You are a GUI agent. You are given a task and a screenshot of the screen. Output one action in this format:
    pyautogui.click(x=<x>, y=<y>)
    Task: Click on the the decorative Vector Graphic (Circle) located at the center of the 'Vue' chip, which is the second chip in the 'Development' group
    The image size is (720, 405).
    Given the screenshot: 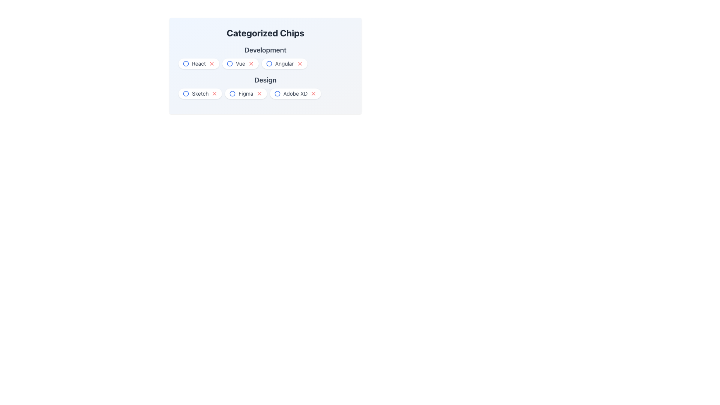 What is the action you would take?
    pyautogui.click(x=229, y=63)
    